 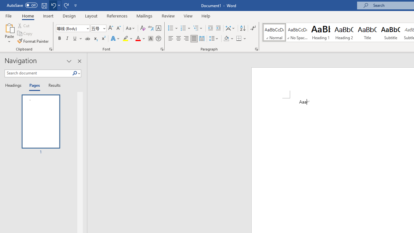 What do you see at coordinates (25, 33) in the screenshot?
I see `'Copy'` at bounding box center [25, 33].